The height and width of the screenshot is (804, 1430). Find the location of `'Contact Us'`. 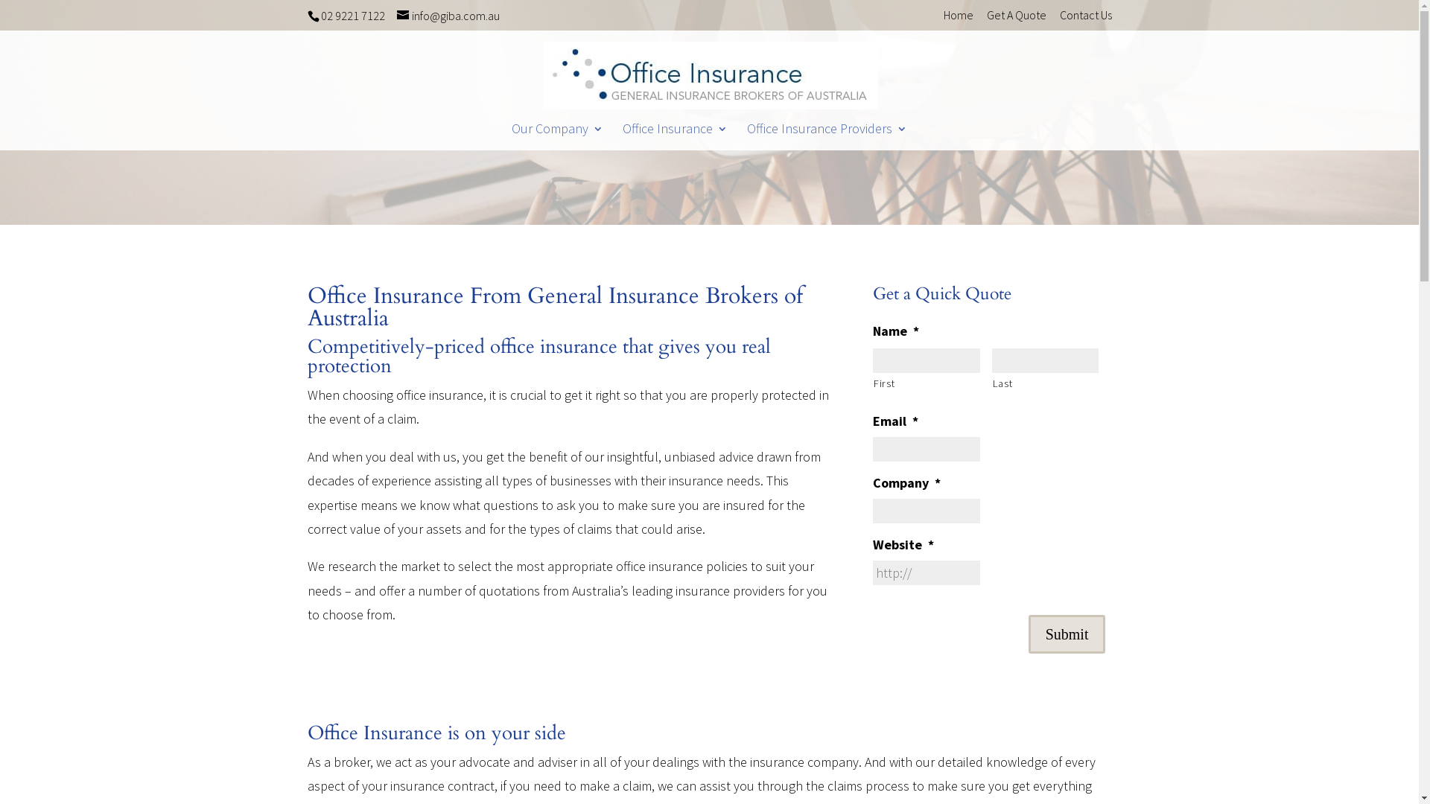

'Contact Us' is located at coordinates (1085, 19).